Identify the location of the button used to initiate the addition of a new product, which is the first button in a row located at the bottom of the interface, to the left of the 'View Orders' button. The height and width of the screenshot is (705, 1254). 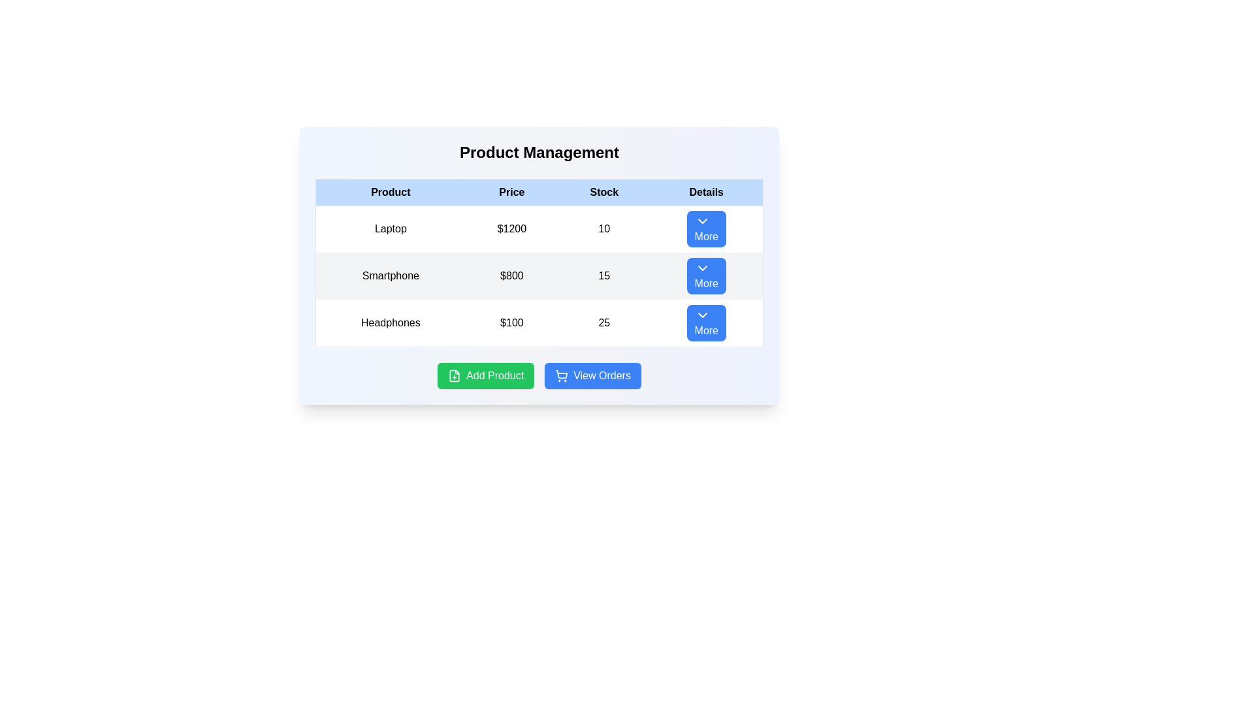
(485, 375).